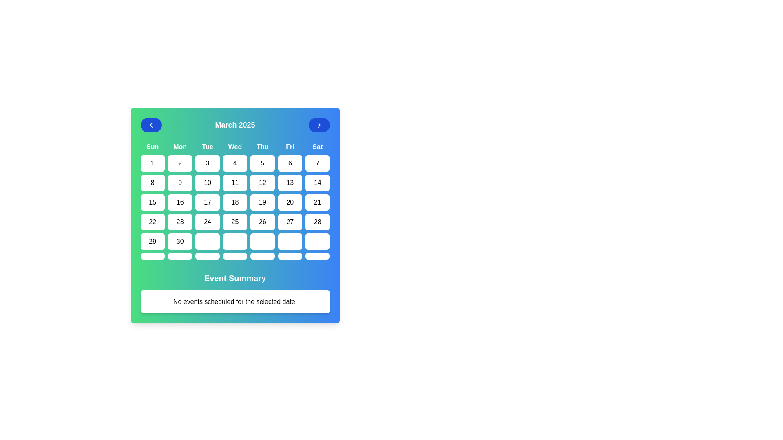 Image resolution: width=783 pixels, height=440 pixels. Describe the element at coordinates (151, 125) in the screenshot. I see `the button on the top left of the calendar interface` at that location.